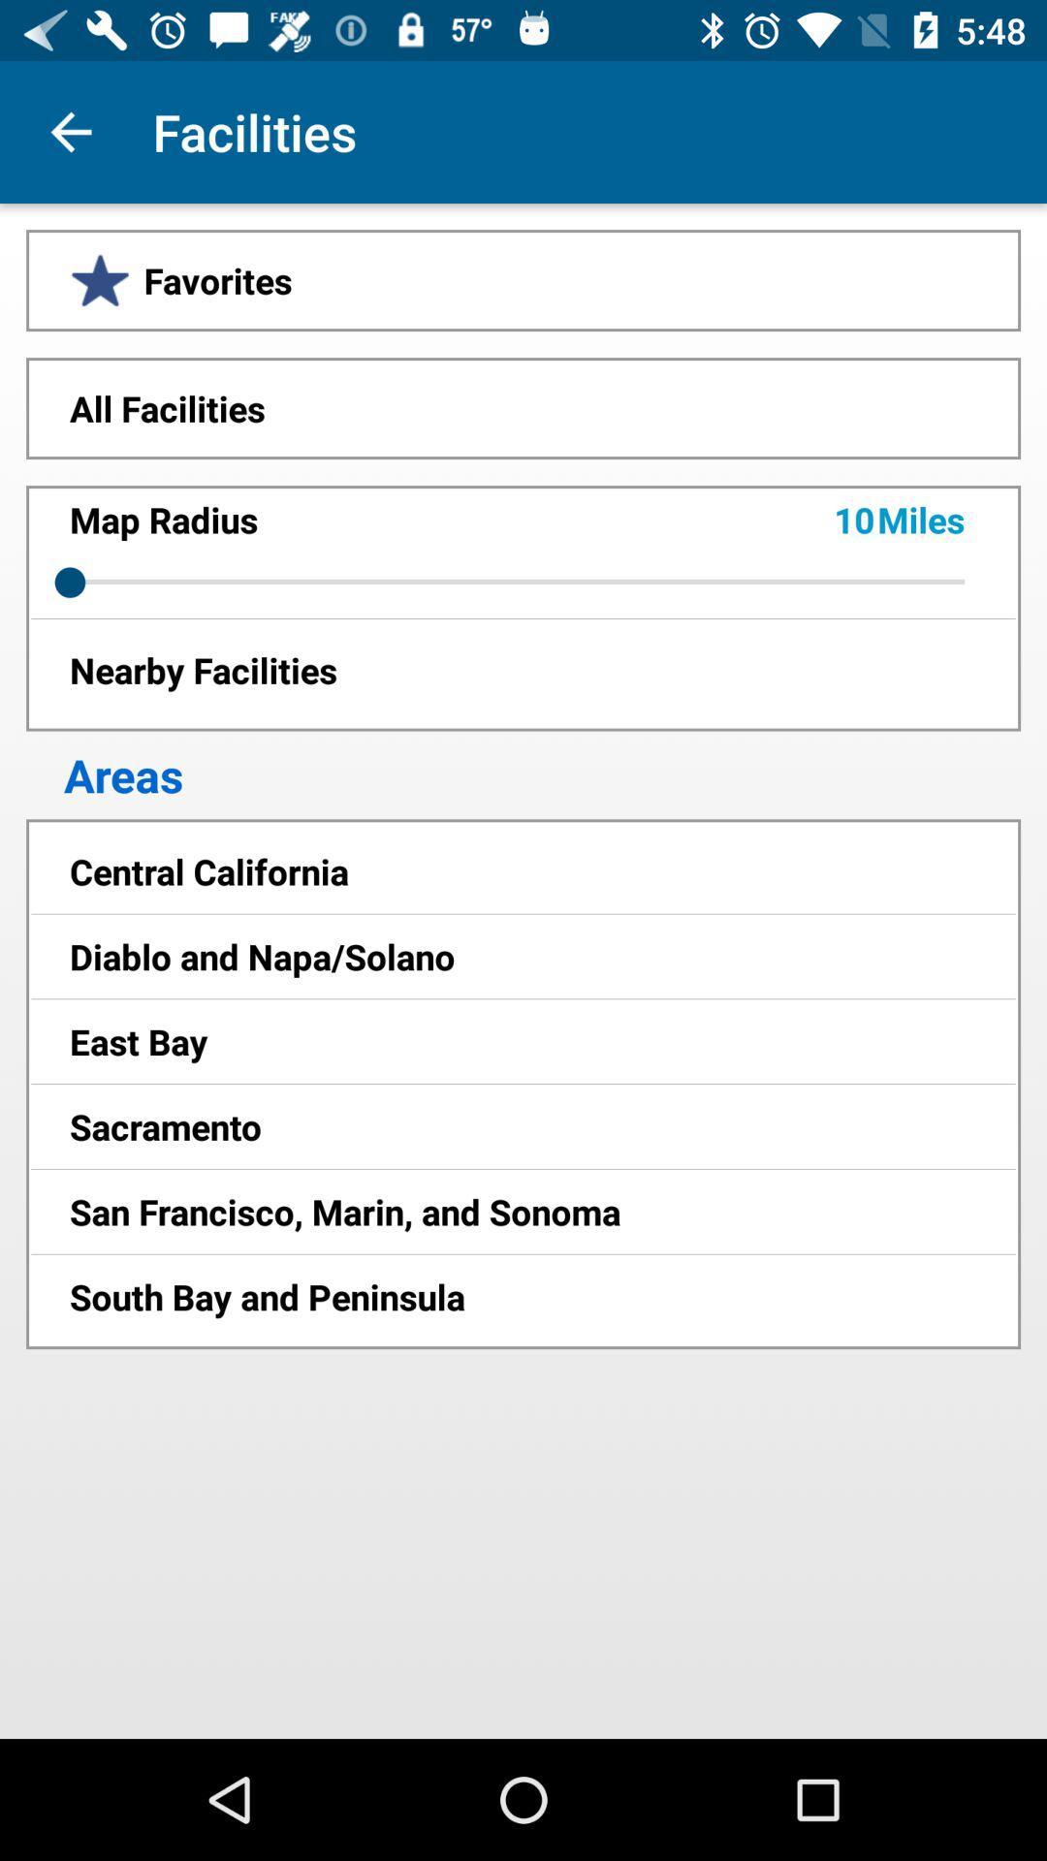 This screenshot has height=1861, width=1047. I want to click on item to the left of the facilities app, so click(70, 131).